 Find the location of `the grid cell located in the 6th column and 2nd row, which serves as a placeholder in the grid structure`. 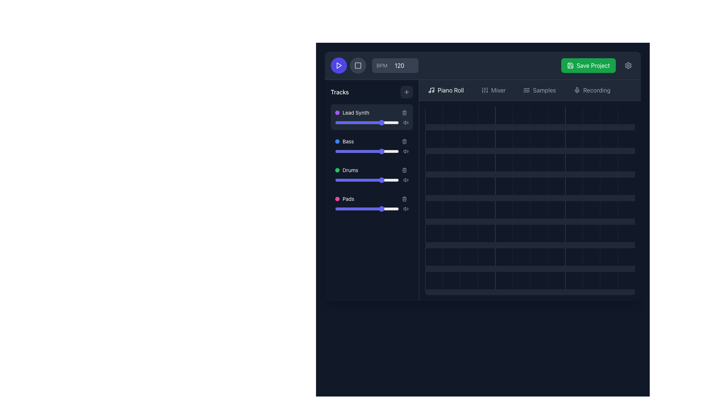

the grid cell located in the 6th column and 2nd row, which serves as a placeholder in the grid structure is located at coordinates (521, 139).